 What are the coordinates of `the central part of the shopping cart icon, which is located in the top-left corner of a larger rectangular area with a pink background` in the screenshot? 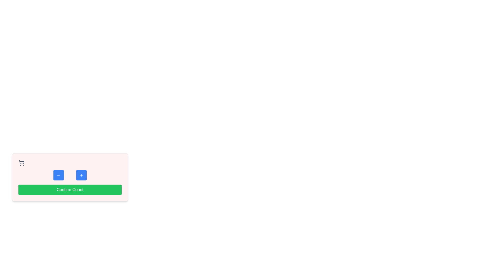 It's located at (21, 162).